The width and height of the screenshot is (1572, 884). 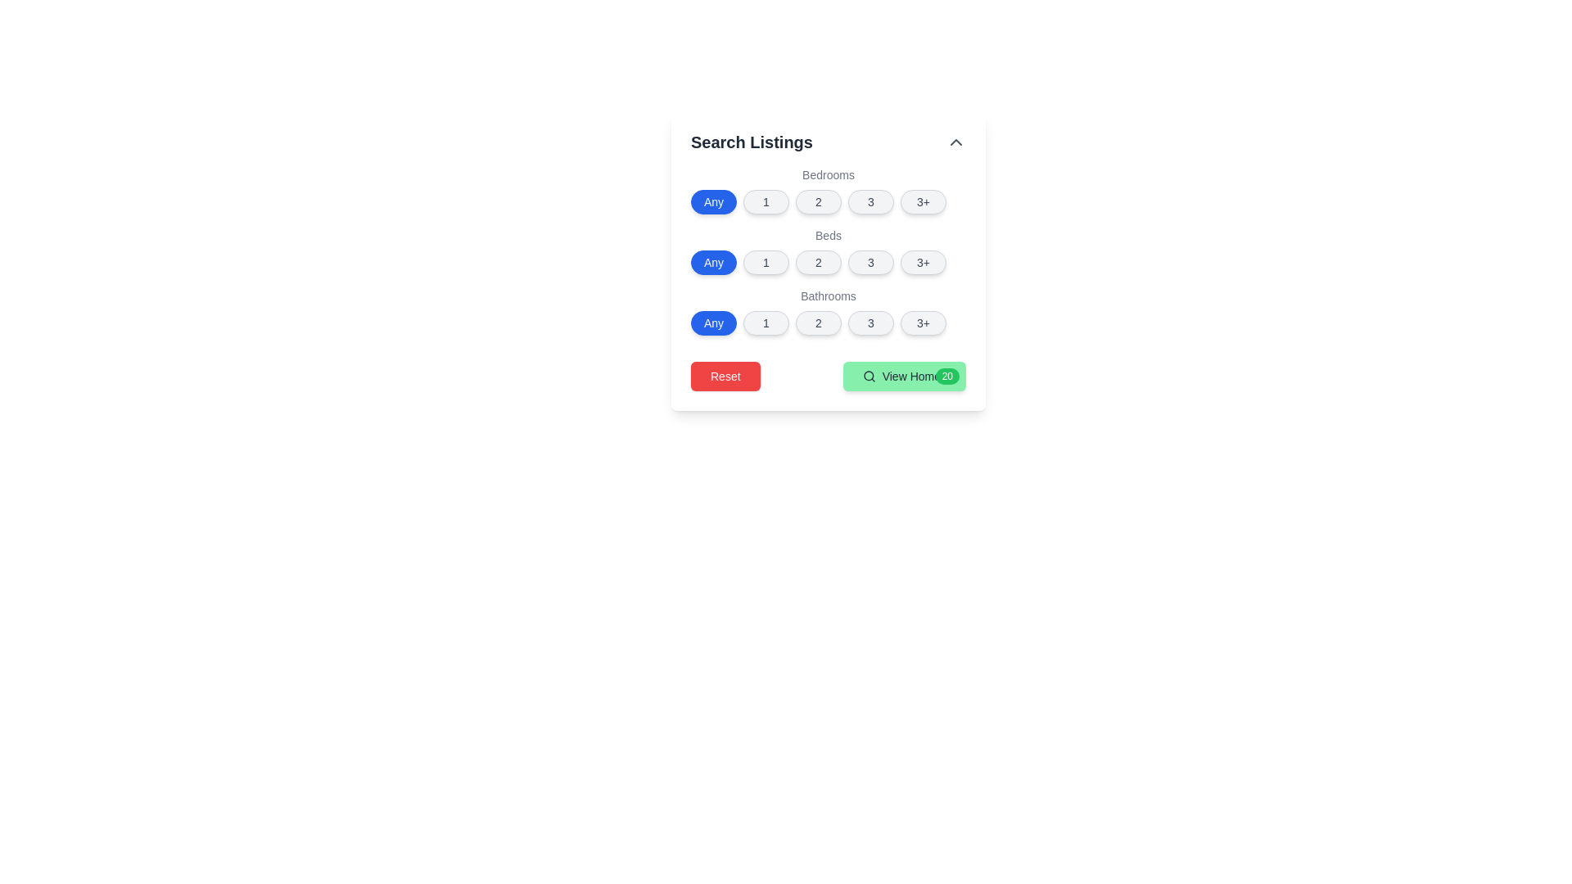 I want to click on the text label displaying 'Bathrooms', which is styled in gray, smaller font and positioned under the label 'Beds', so click(x=829, y=296).